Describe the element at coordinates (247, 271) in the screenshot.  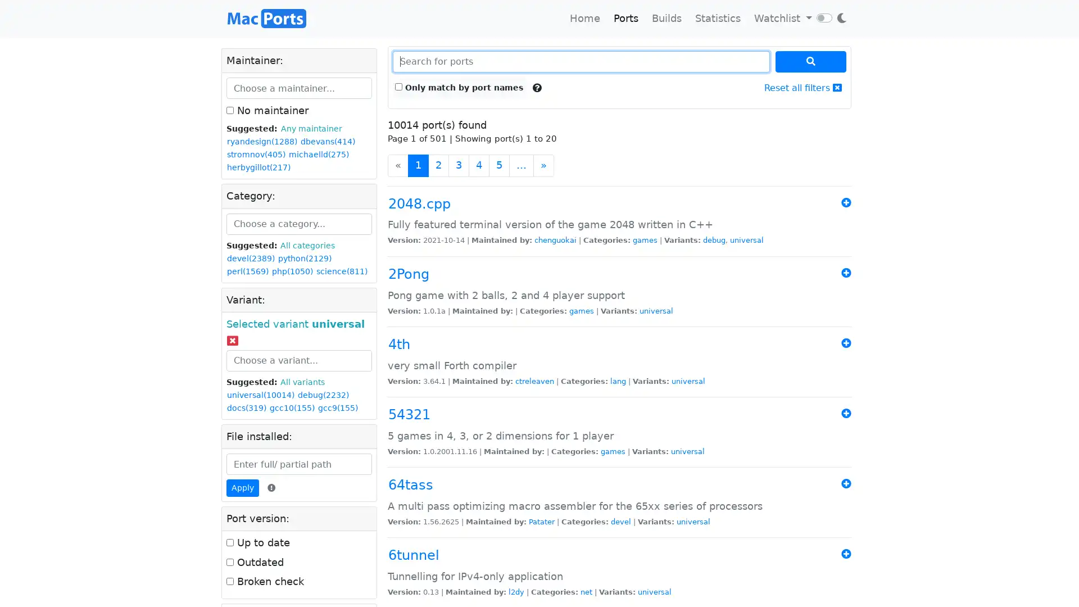
I see `perl(1569)` at that location.